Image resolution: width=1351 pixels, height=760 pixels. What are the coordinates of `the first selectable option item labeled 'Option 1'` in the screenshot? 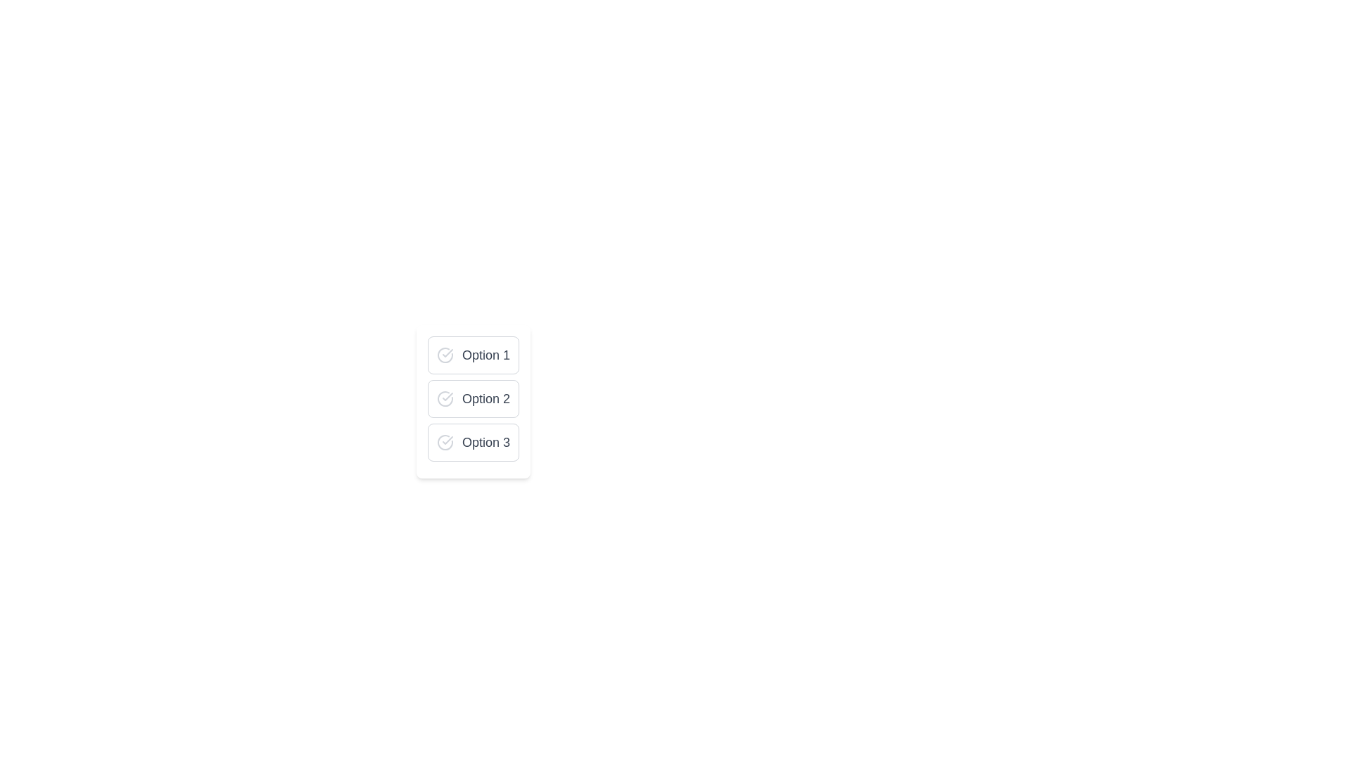 It's located at (473, 355).